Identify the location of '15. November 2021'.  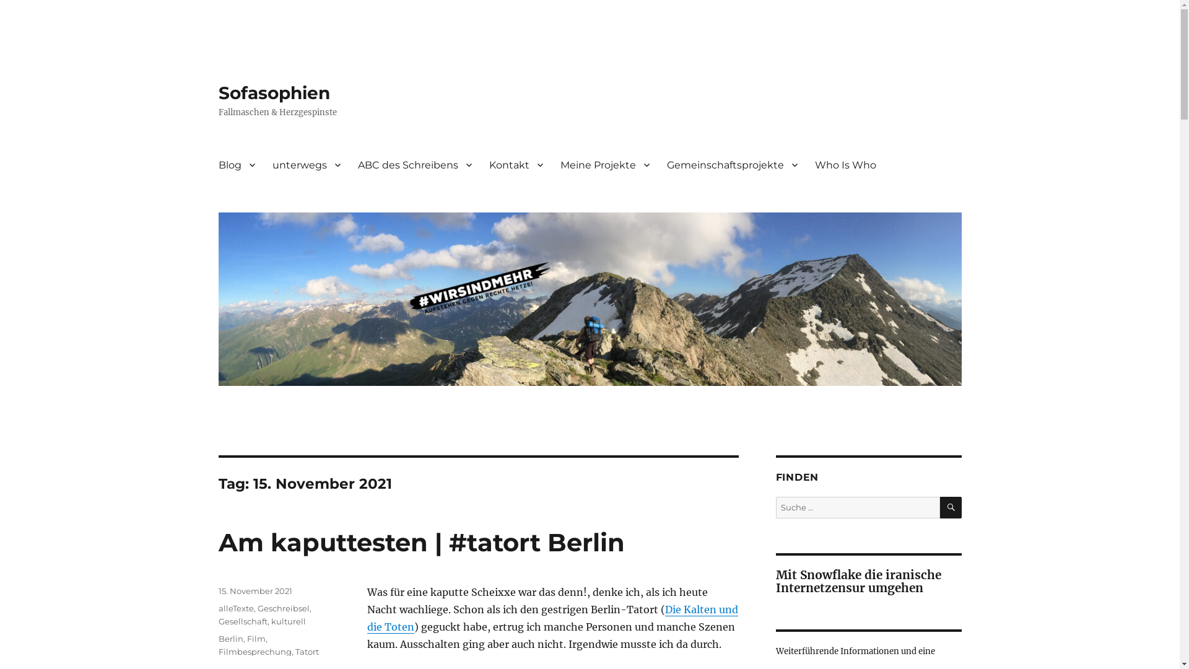
(254, 590).